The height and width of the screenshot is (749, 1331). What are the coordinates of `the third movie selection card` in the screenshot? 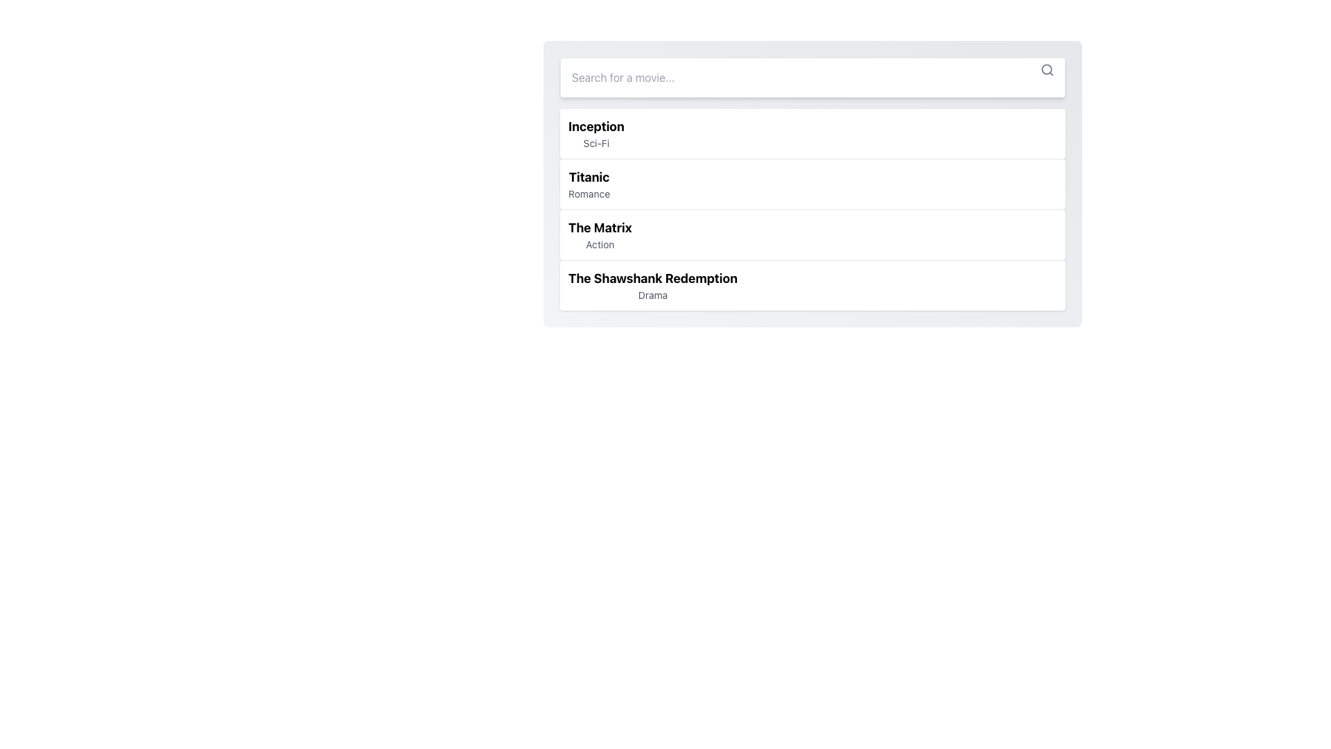 It's located at (812, 234).